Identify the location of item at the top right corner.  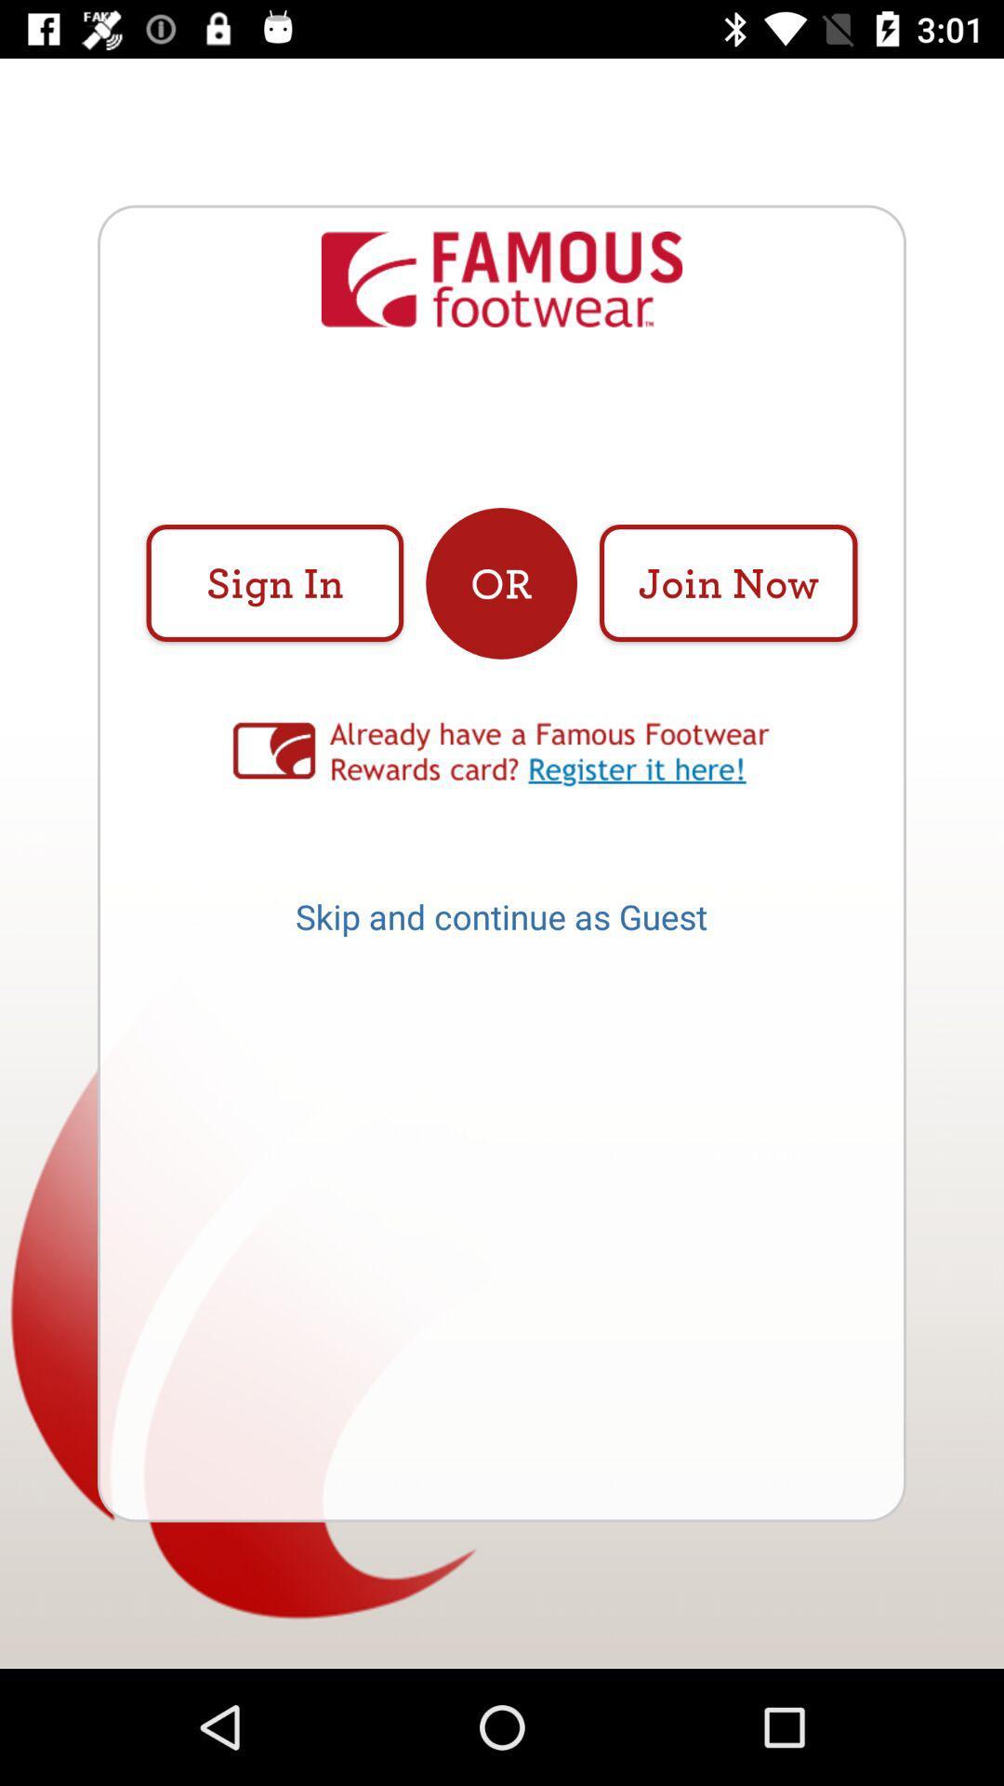
(727, 582).